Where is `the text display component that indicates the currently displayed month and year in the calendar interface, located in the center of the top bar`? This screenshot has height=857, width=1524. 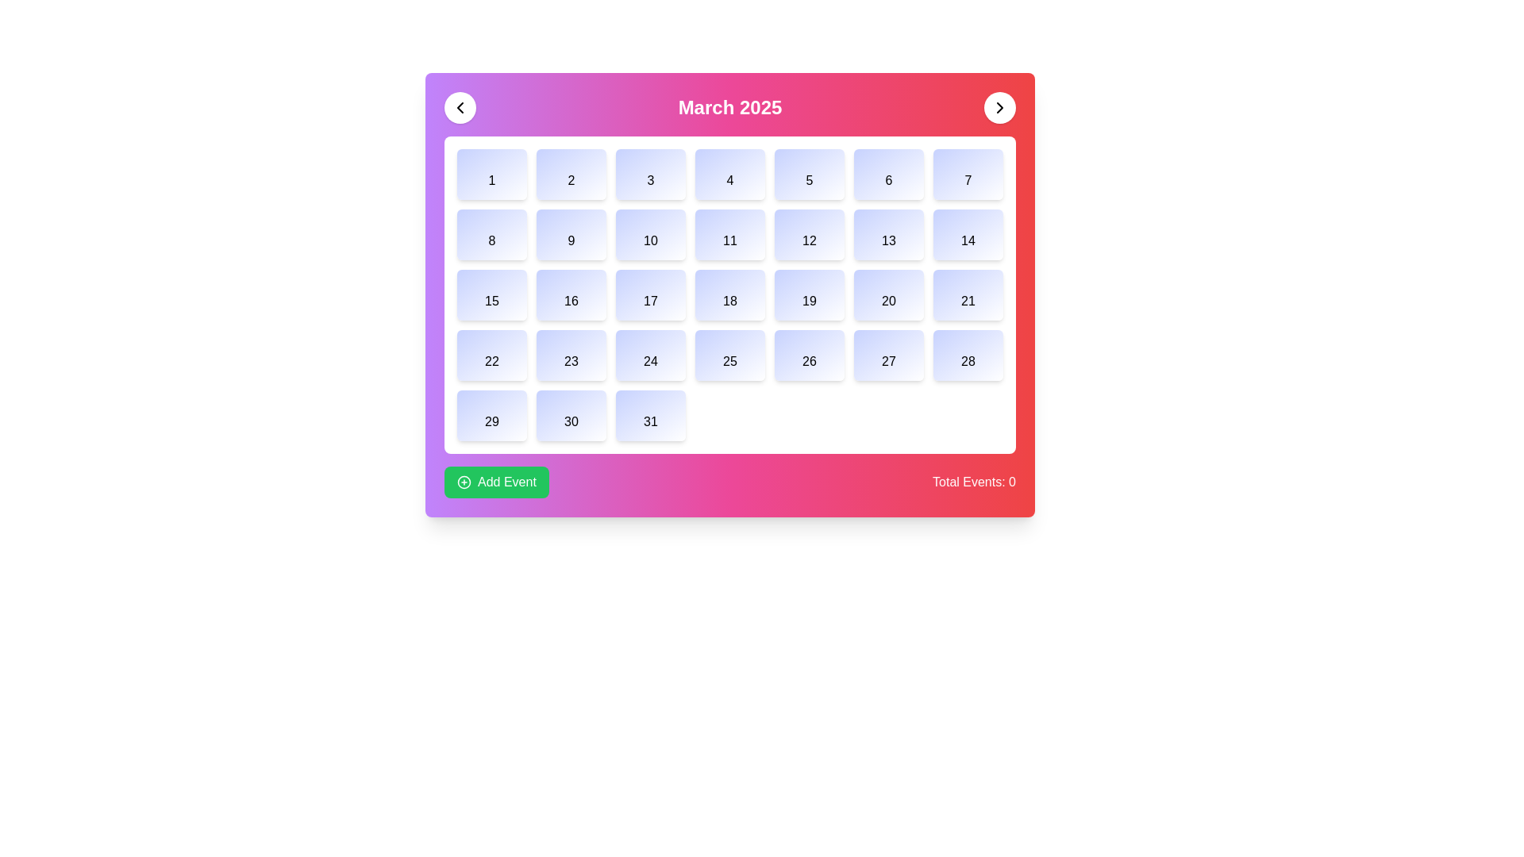
the text display component that indicates the currently displayed month and year in the calendar interface, located in the center of the top bar is located at coordinates (729, 107).